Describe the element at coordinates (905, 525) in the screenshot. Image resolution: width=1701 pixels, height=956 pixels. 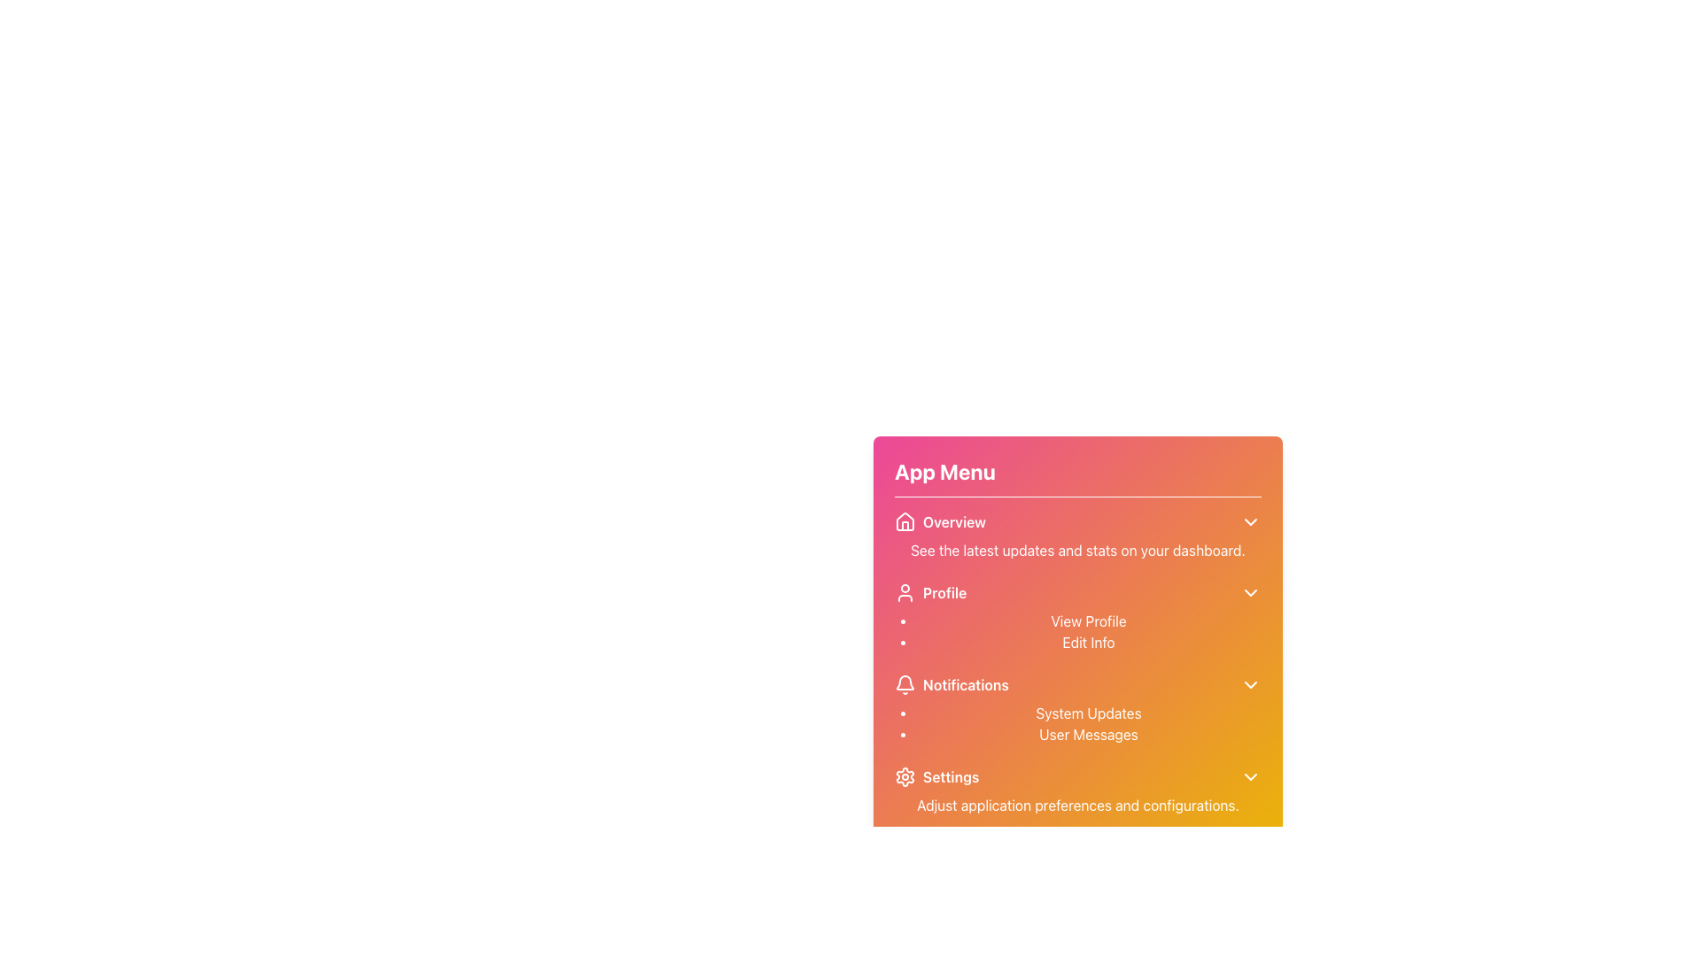
I see `vertical inner lines representing the door within the house icon graphic located at the top of the 'Overview' menu option` at that location.